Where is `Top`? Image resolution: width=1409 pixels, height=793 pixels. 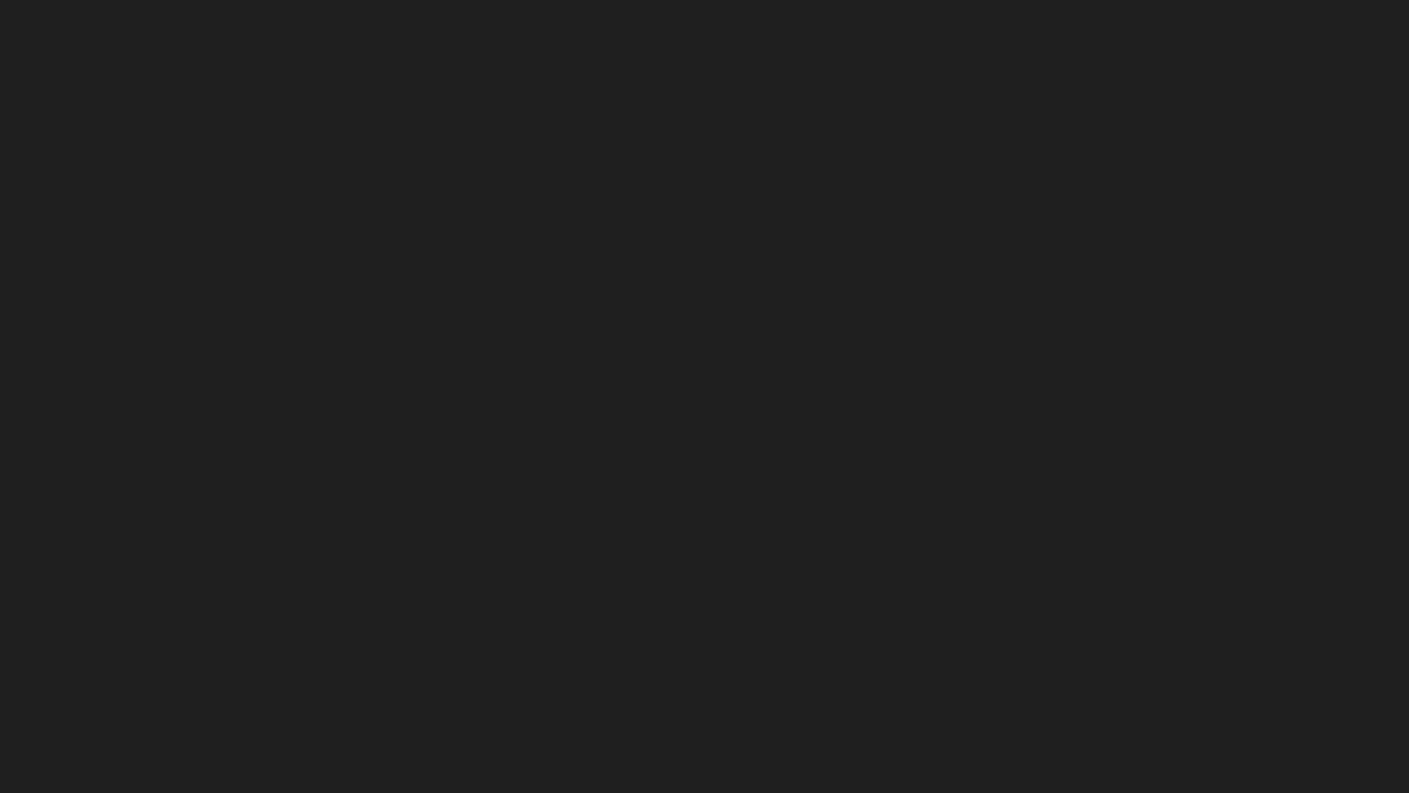
Top is located at coordinates (447, 318).